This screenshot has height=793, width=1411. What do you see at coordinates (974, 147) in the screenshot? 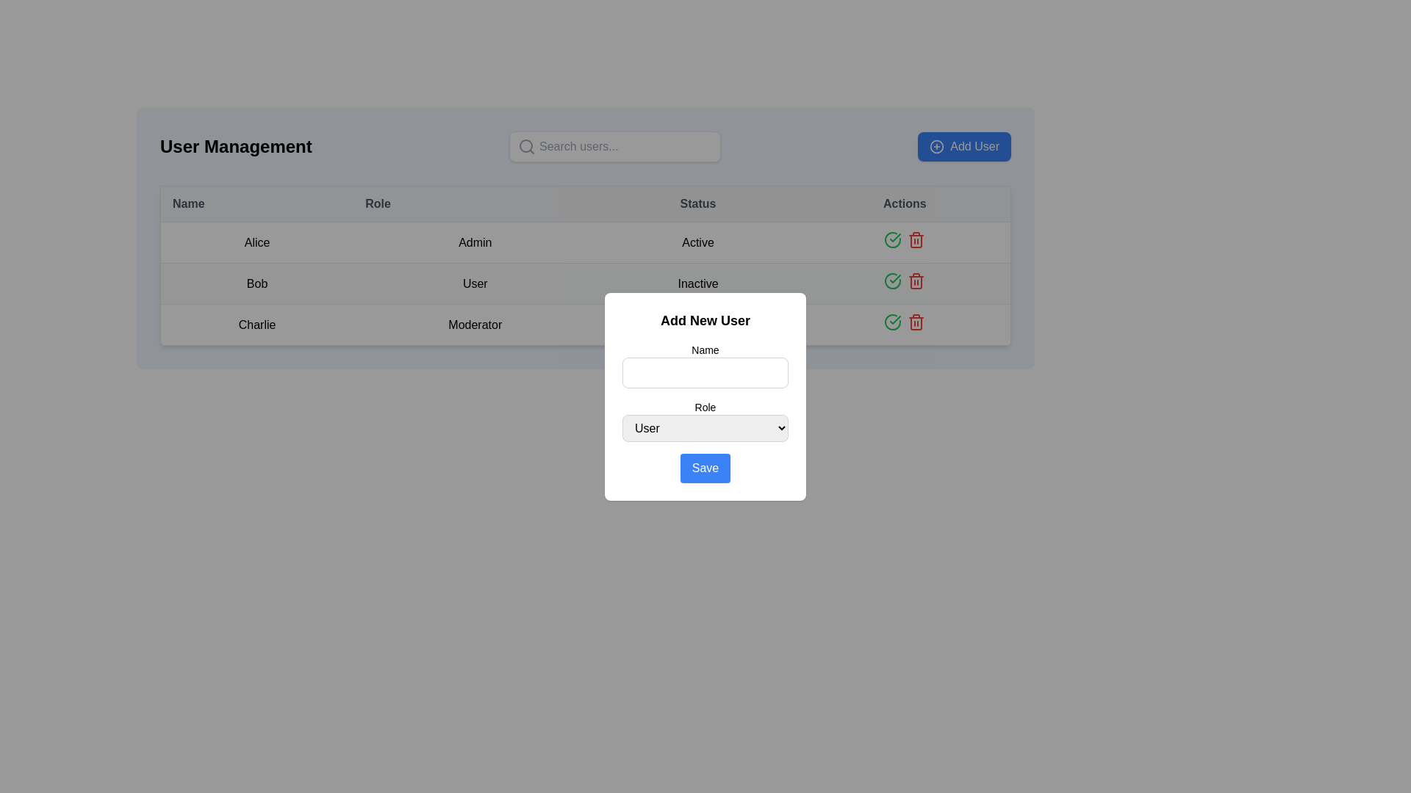
I see `the text label on the button located at the top-right corner of the interface` at bounding box center [974, 147].